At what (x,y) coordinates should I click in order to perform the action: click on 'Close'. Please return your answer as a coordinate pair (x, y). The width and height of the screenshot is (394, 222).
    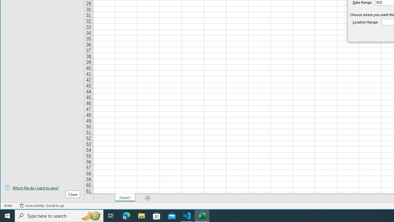
    Looking at the image, I should click on (73, 194).